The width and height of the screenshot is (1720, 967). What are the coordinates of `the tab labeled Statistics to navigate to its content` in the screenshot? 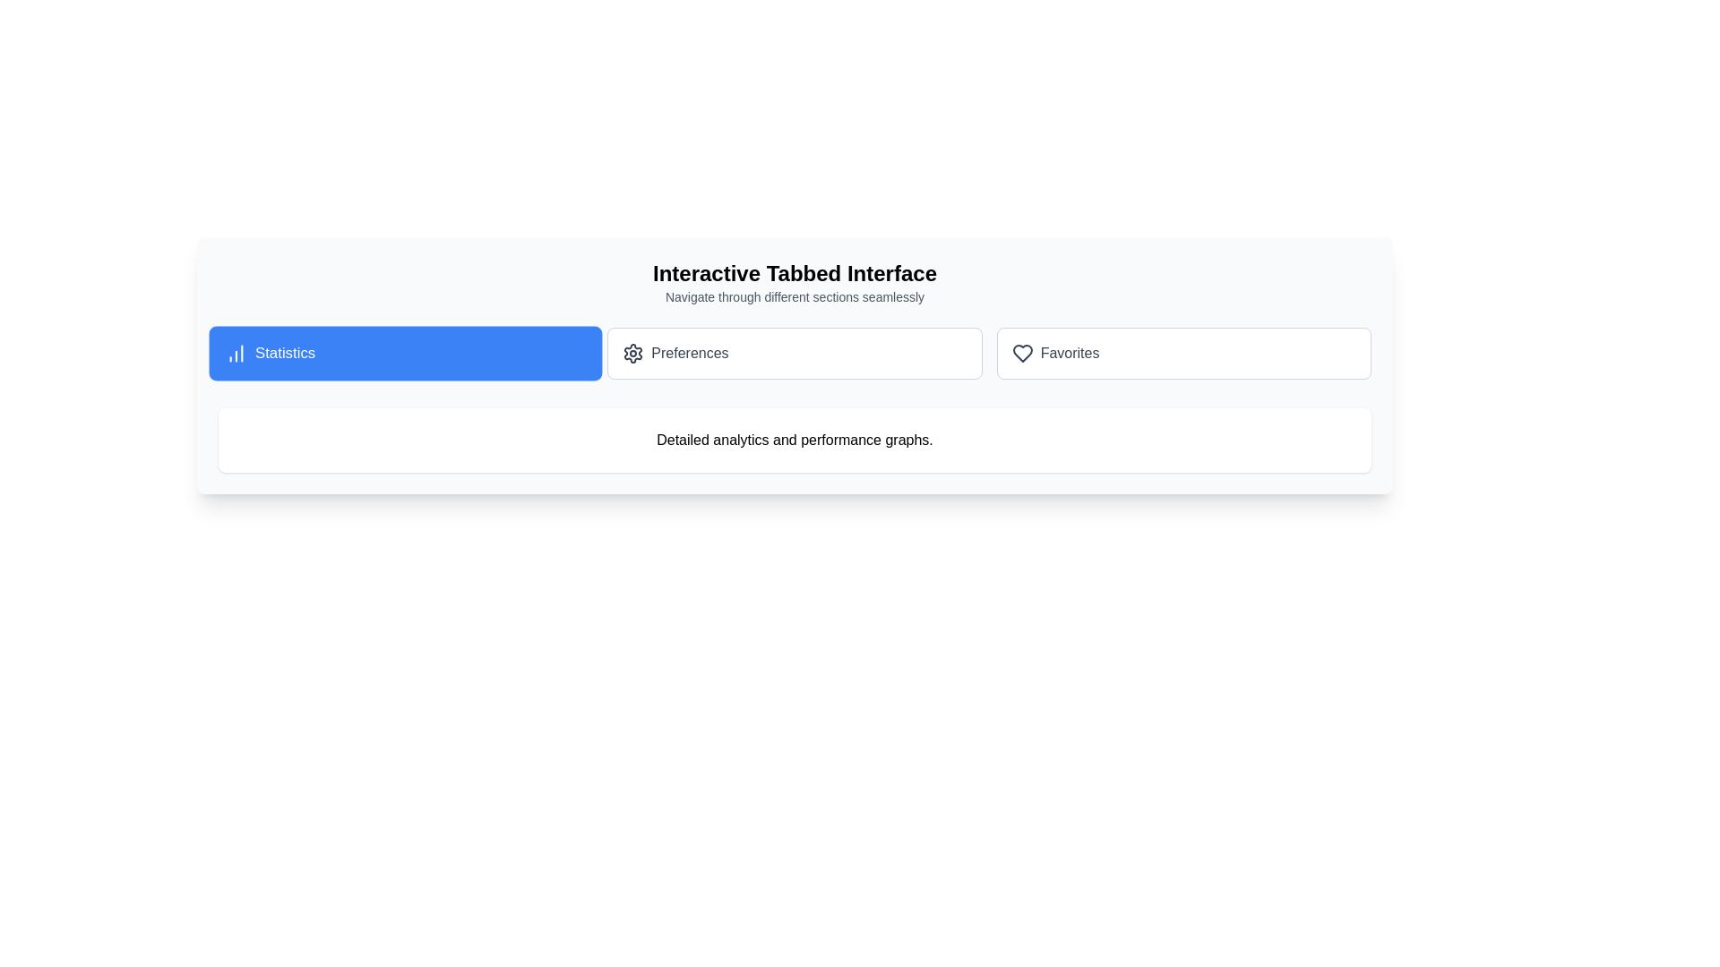 It's located at (404, 353).